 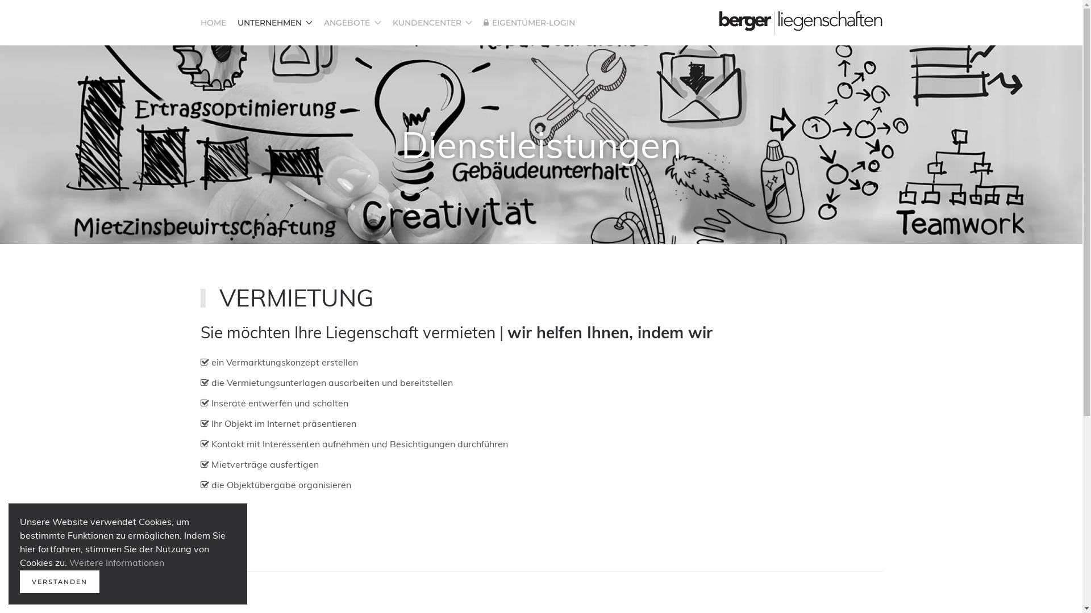 What do you see at coordinates (431, 22) in the screenshot?
I see `'KUNDENCENTER'` at bounding box center [431, 22].